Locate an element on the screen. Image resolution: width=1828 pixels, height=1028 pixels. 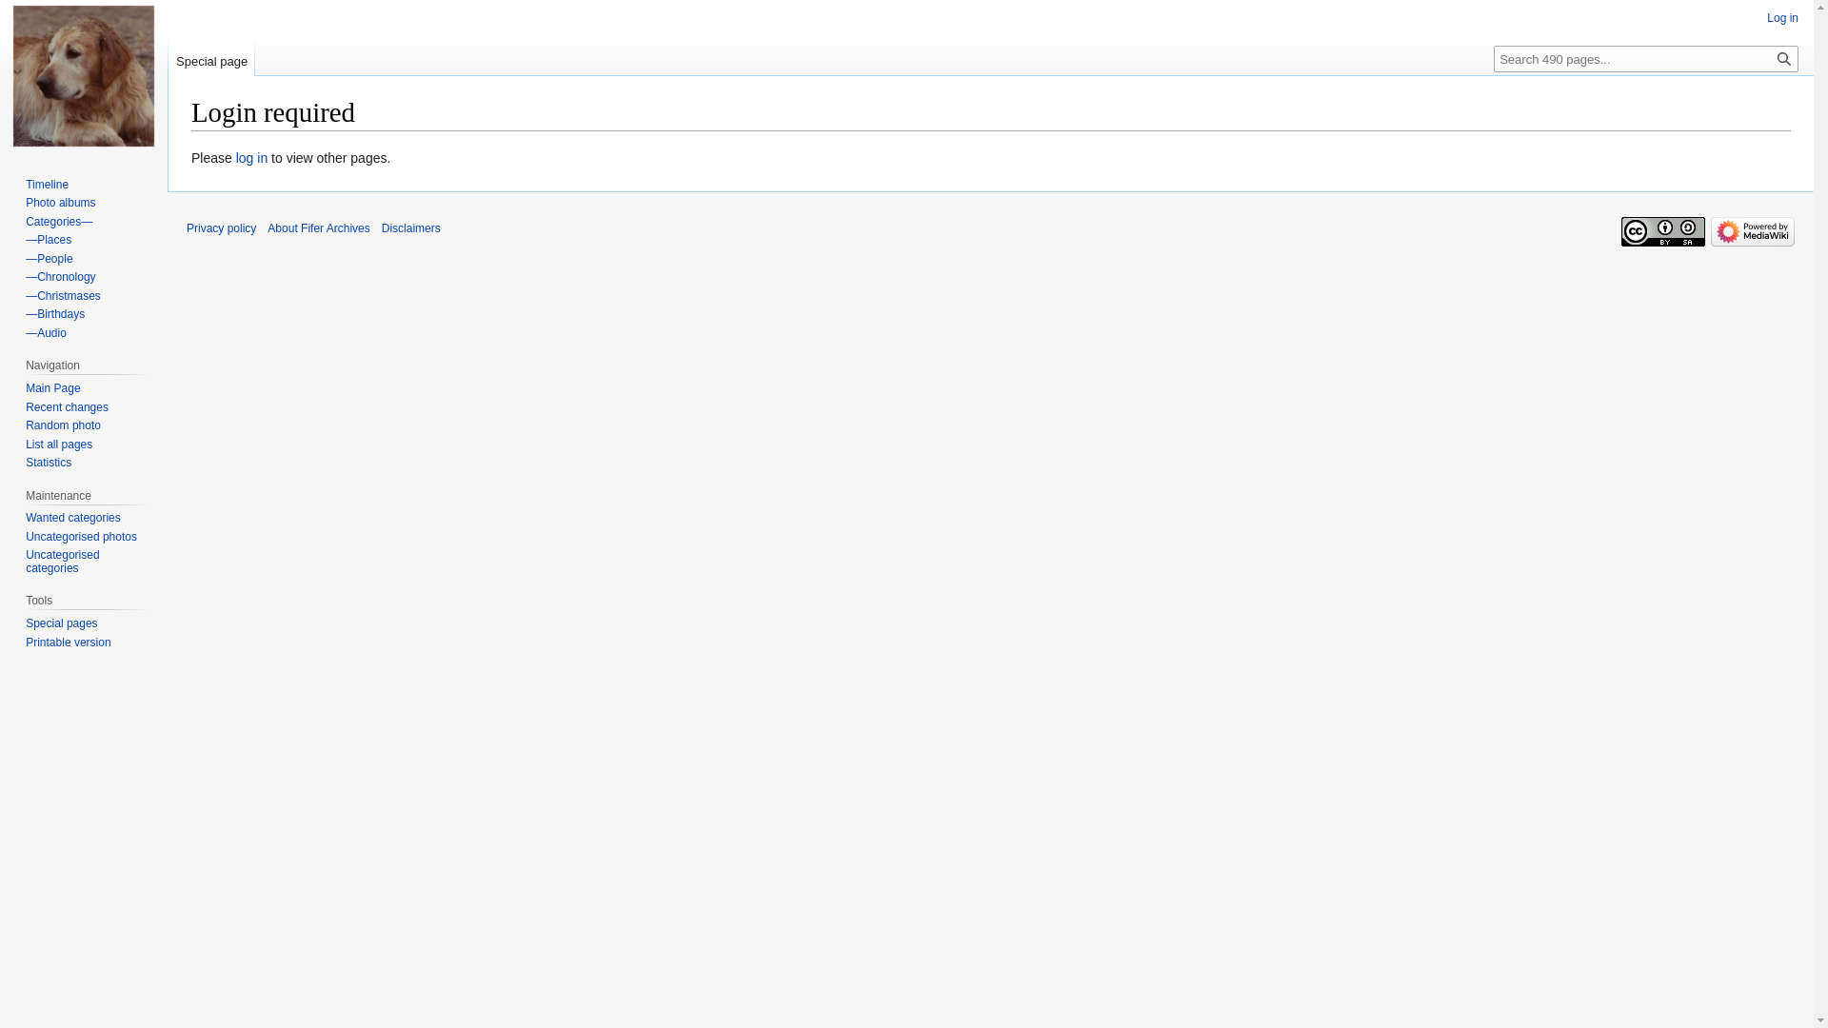
'Statistics' is located at coordinates (26, 463).